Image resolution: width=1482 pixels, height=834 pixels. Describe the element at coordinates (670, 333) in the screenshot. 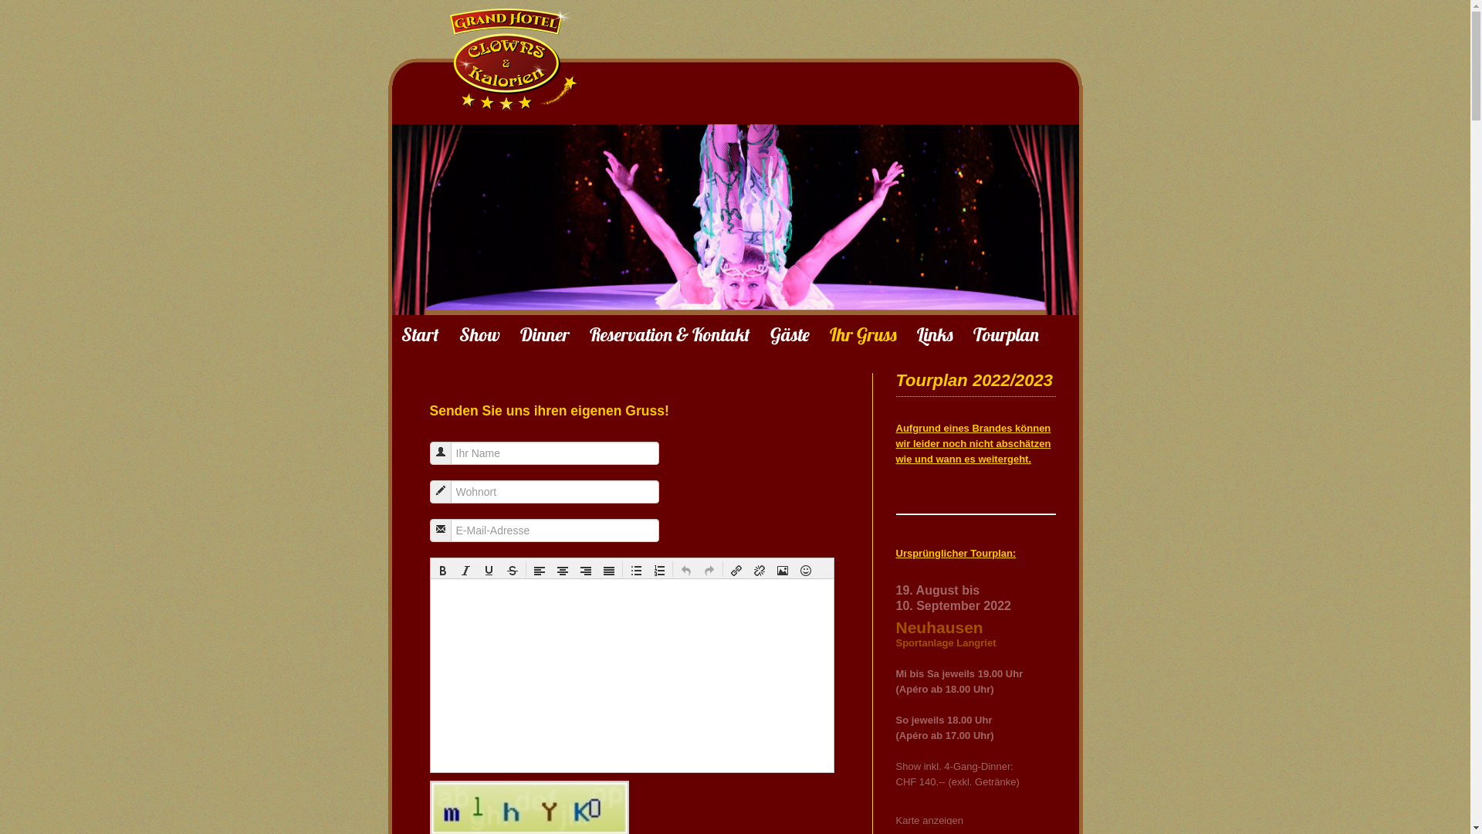

I see `'Reservation & Kontakt'` at that location.